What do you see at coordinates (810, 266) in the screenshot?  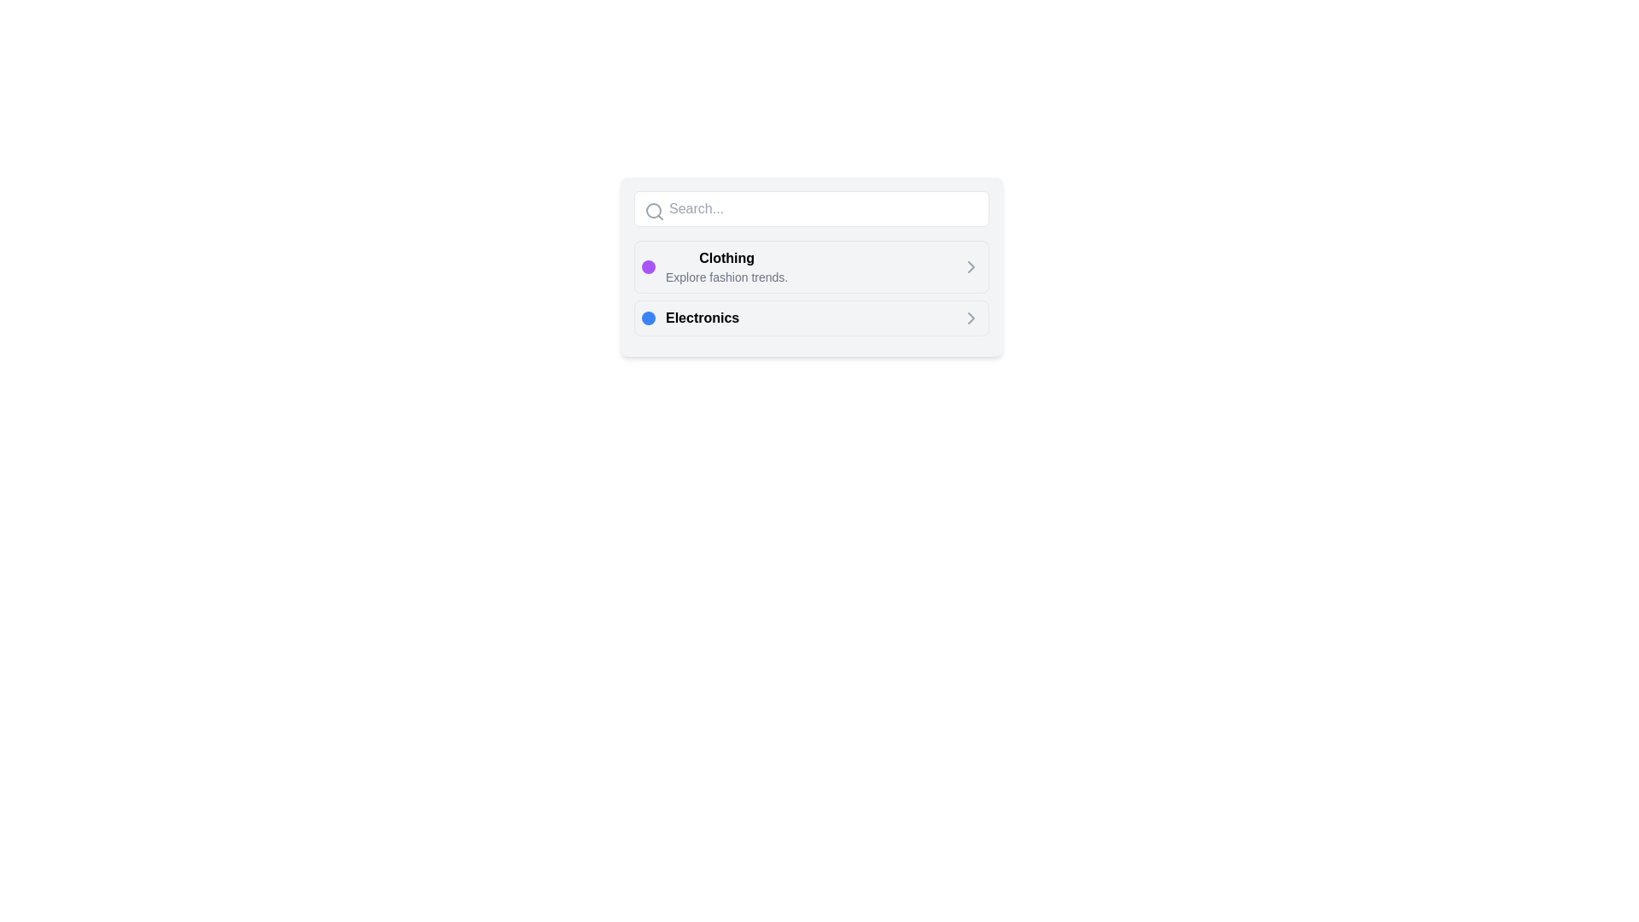 I see `the first clickable list item related to clothing and fashion trends, located under the search bar` at bounding box center [810, 266].